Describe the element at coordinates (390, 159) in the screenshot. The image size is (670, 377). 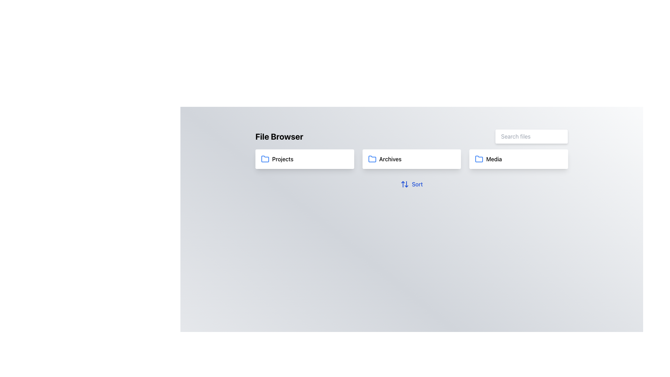
I see `the text label reading 'Archives', which is styled with medium-weight font and positioned next to a folder icon, to identify the item` at that location.